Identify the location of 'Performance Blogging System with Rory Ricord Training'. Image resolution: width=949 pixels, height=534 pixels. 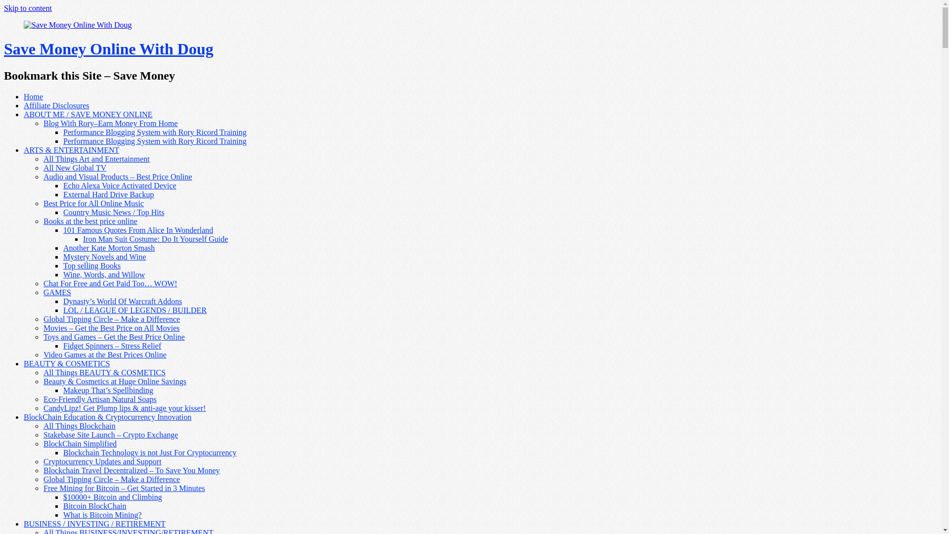
(154, 141).